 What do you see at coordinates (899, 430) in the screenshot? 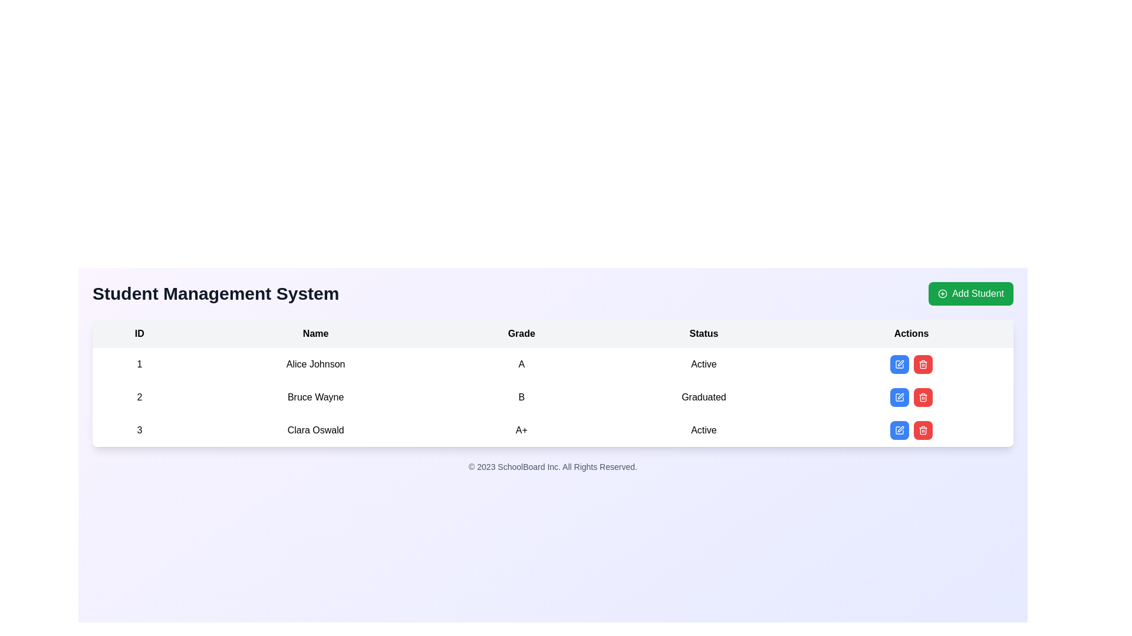
I see `the blue circular button with a white pen icon in the 'Actions' column for Clara Oswald` at bounding box center [899, 430].